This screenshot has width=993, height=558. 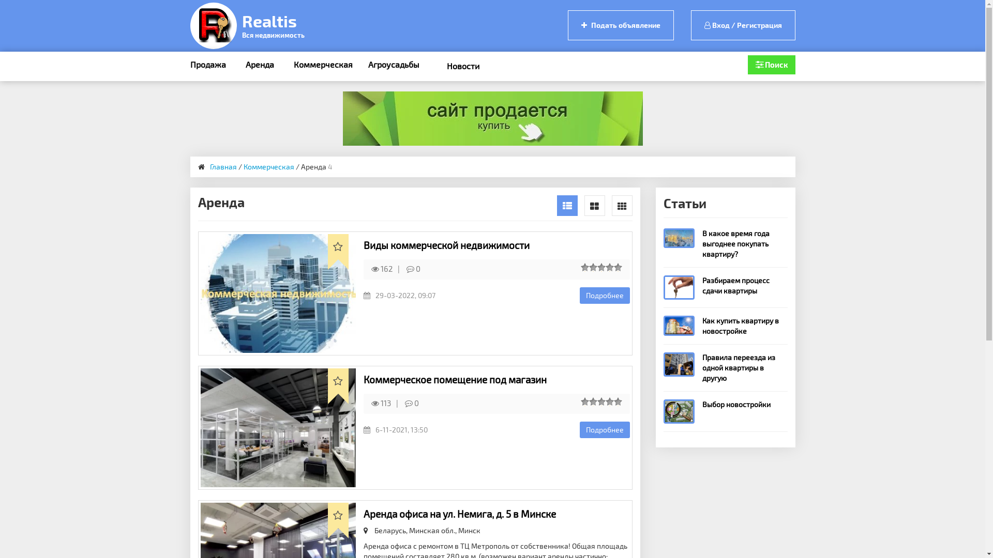 What do you see at coordinates (584, 401) in the screenshot?
I see `'1'` at bounding box center [584, 401].